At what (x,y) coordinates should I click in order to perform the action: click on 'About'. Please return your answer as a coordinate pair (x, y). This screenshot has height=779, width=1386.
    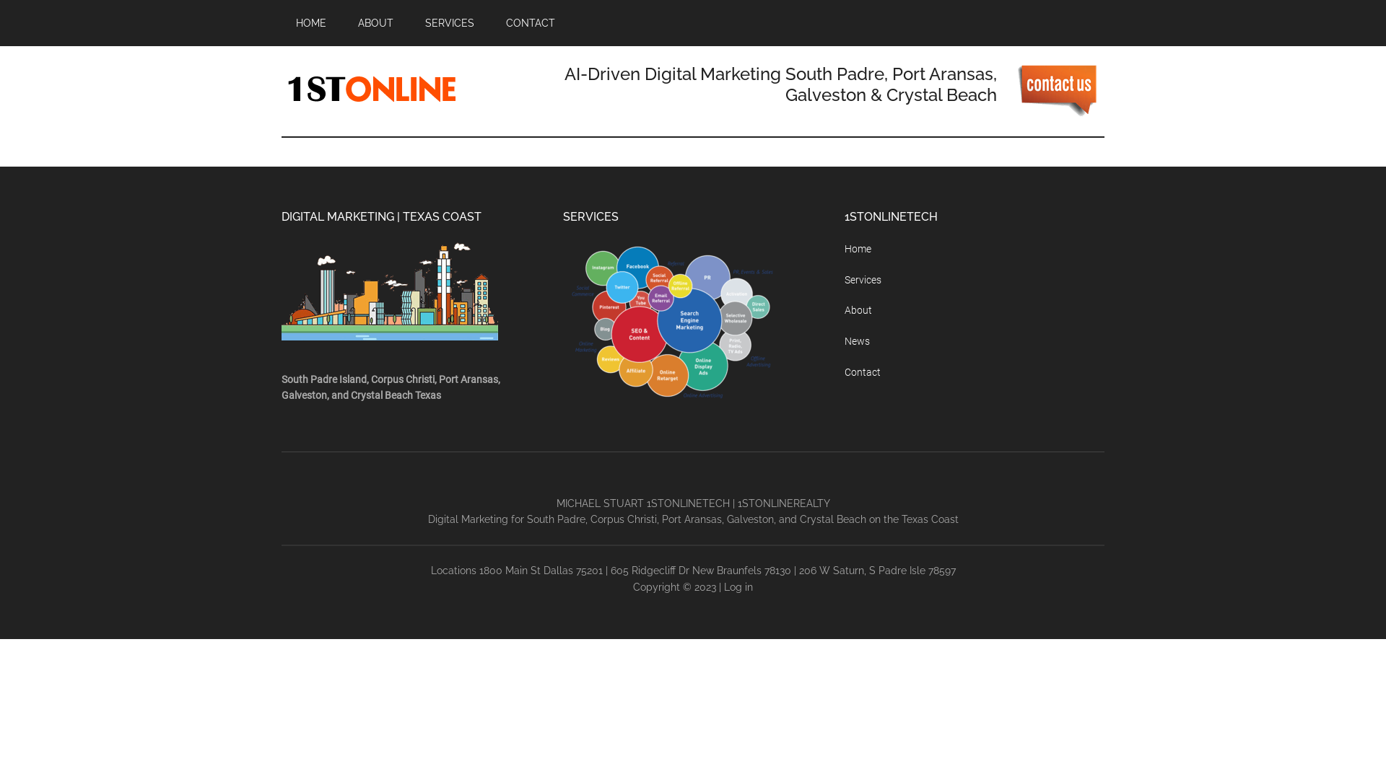
    Looking at the image, I should click on (858, 309).